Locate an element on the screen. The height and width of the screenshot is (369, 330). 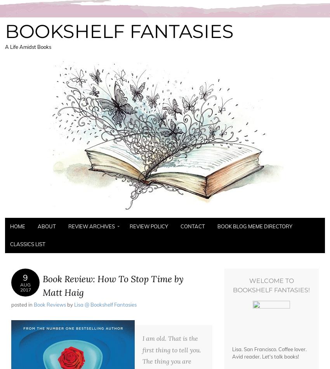
'Book Reviews' is located at coordinates (50, 304).